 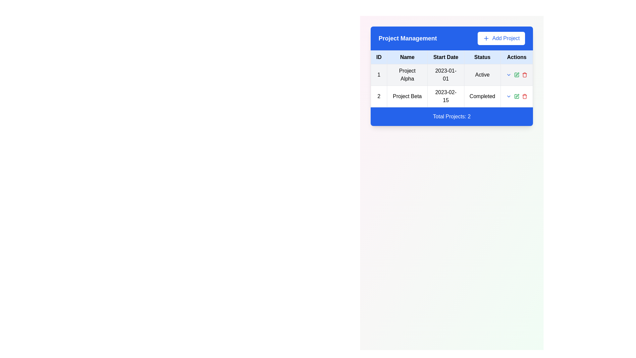 What do you see at coordinates (524, 97) in the screenshot?
I see `the trash bin icon located in the 'Actions' column of the second row in the table beneath the 'Project Management' heading` at bounding box center [524, 97].